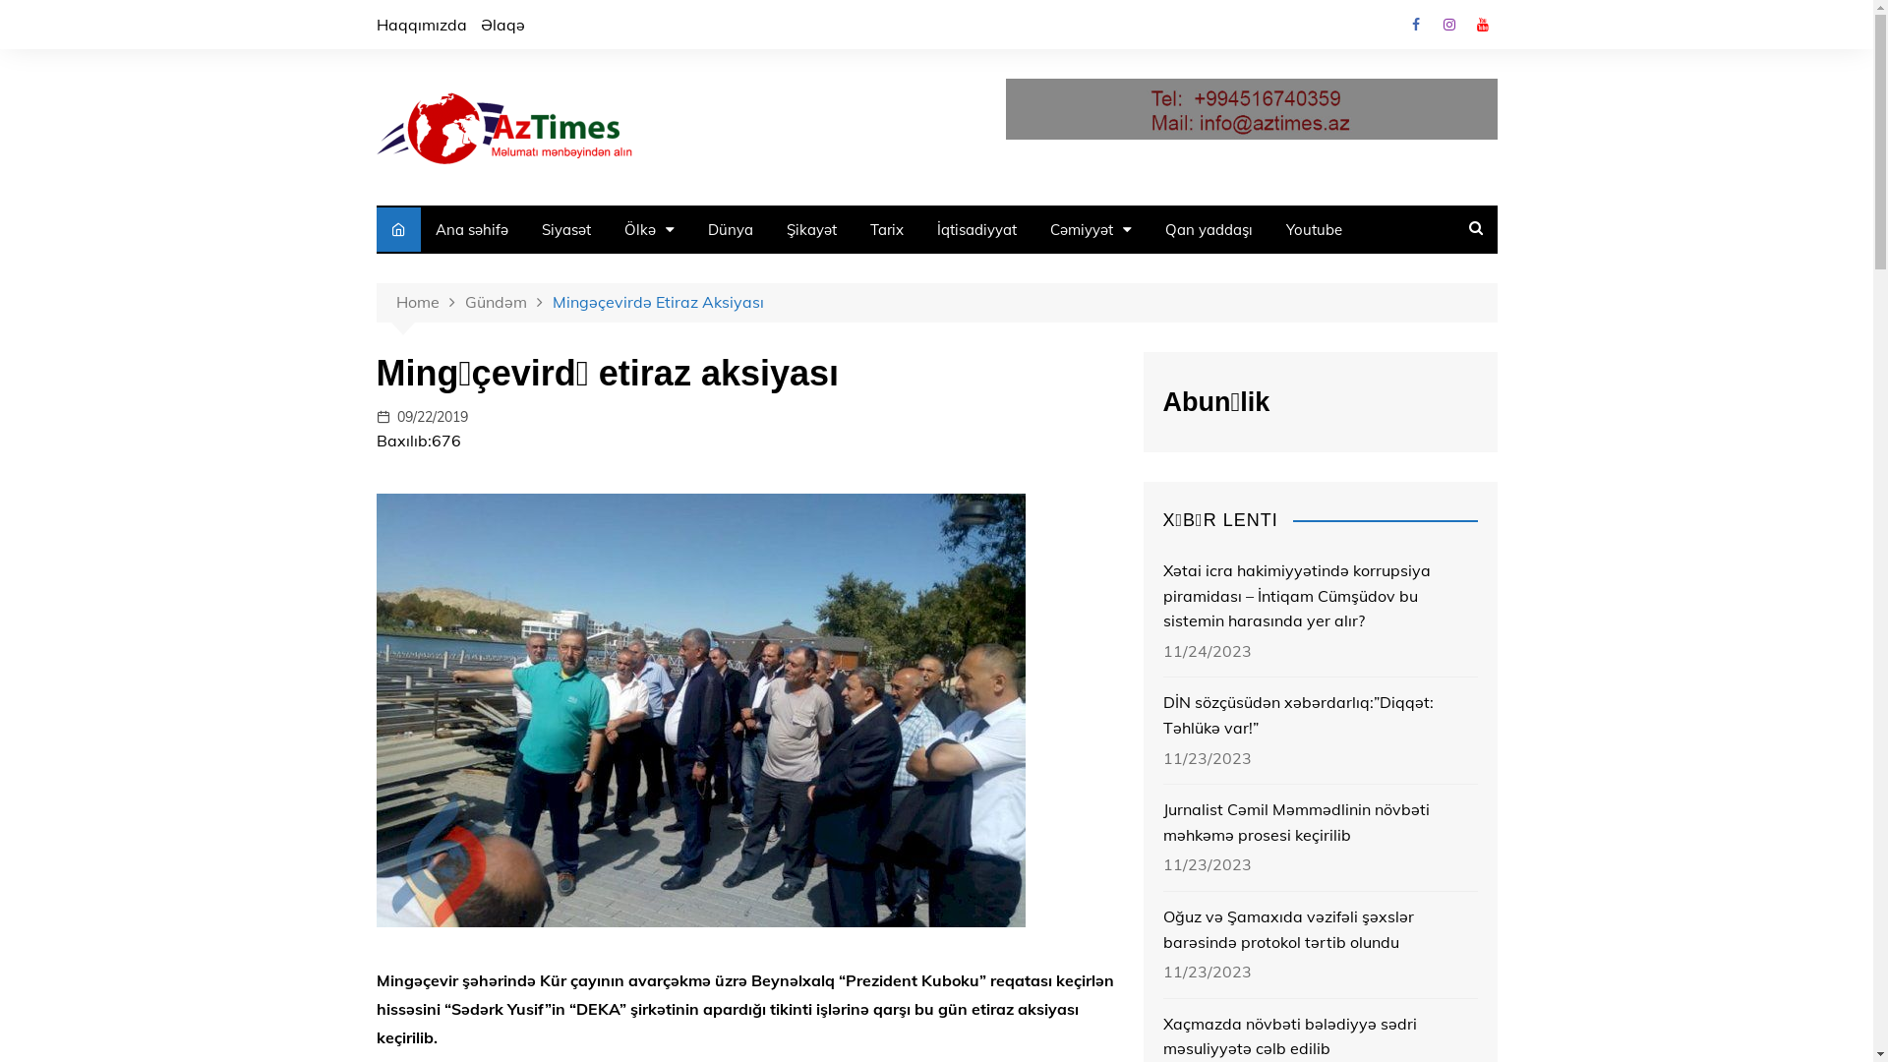 This screenshot has width=1888, height=1062. Describe the element at coordinates (1448, 24) in the screenshot. I see `'Instagram'` at that location.